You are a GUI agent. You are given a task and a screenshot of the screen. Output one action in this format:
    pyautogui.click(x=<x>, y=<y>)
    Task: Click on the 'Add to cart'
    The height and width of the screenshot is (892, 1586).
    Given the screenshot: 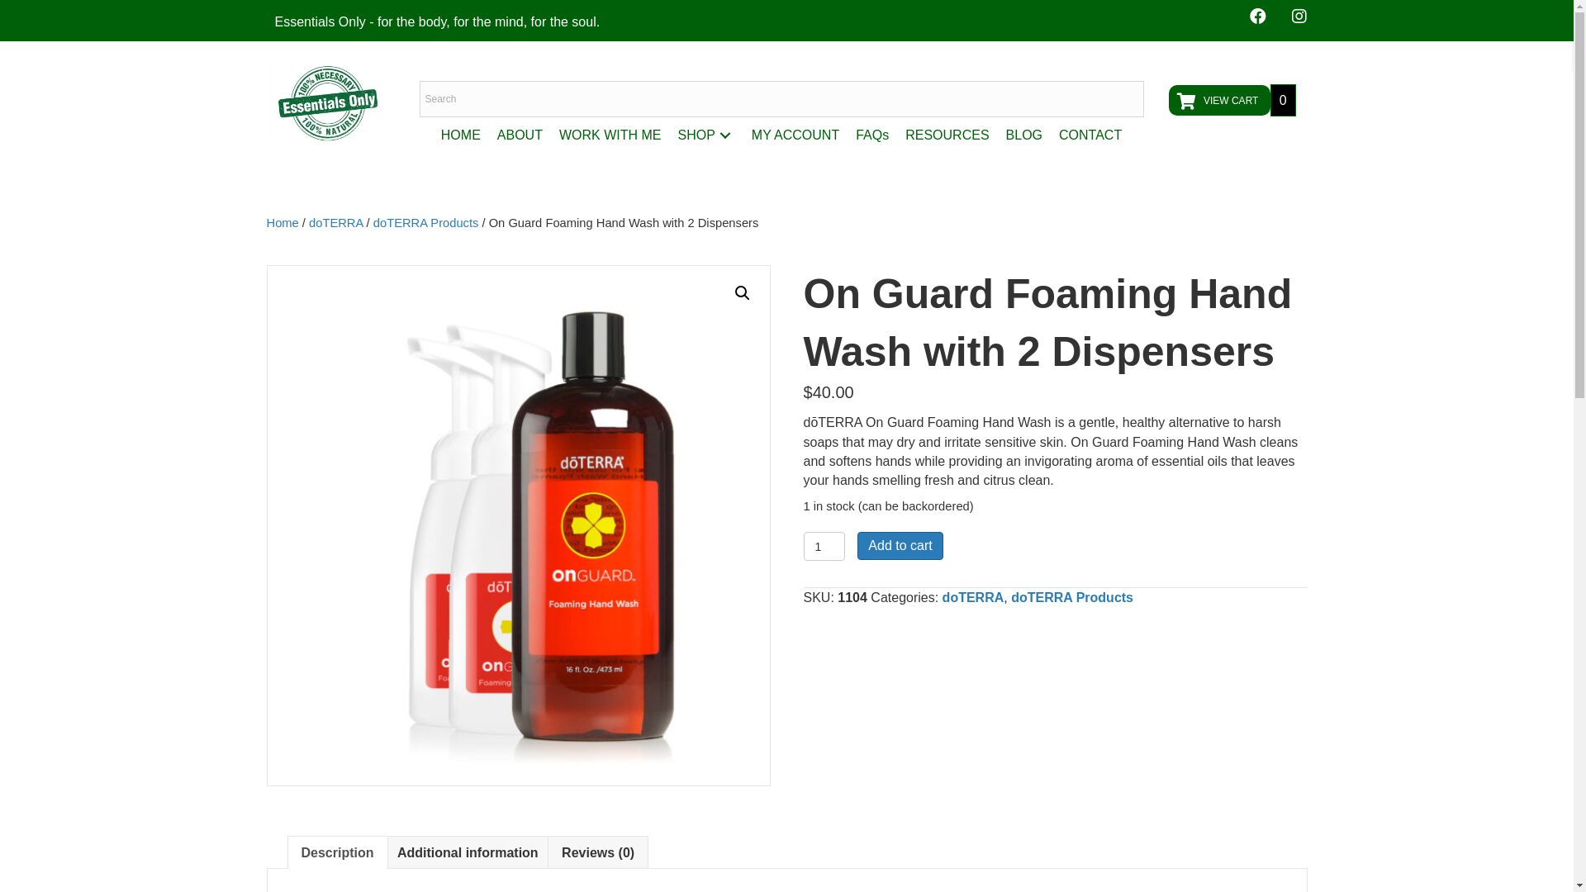 What is the action you would take?
    pyautogui.click(x=899, y=545)
    